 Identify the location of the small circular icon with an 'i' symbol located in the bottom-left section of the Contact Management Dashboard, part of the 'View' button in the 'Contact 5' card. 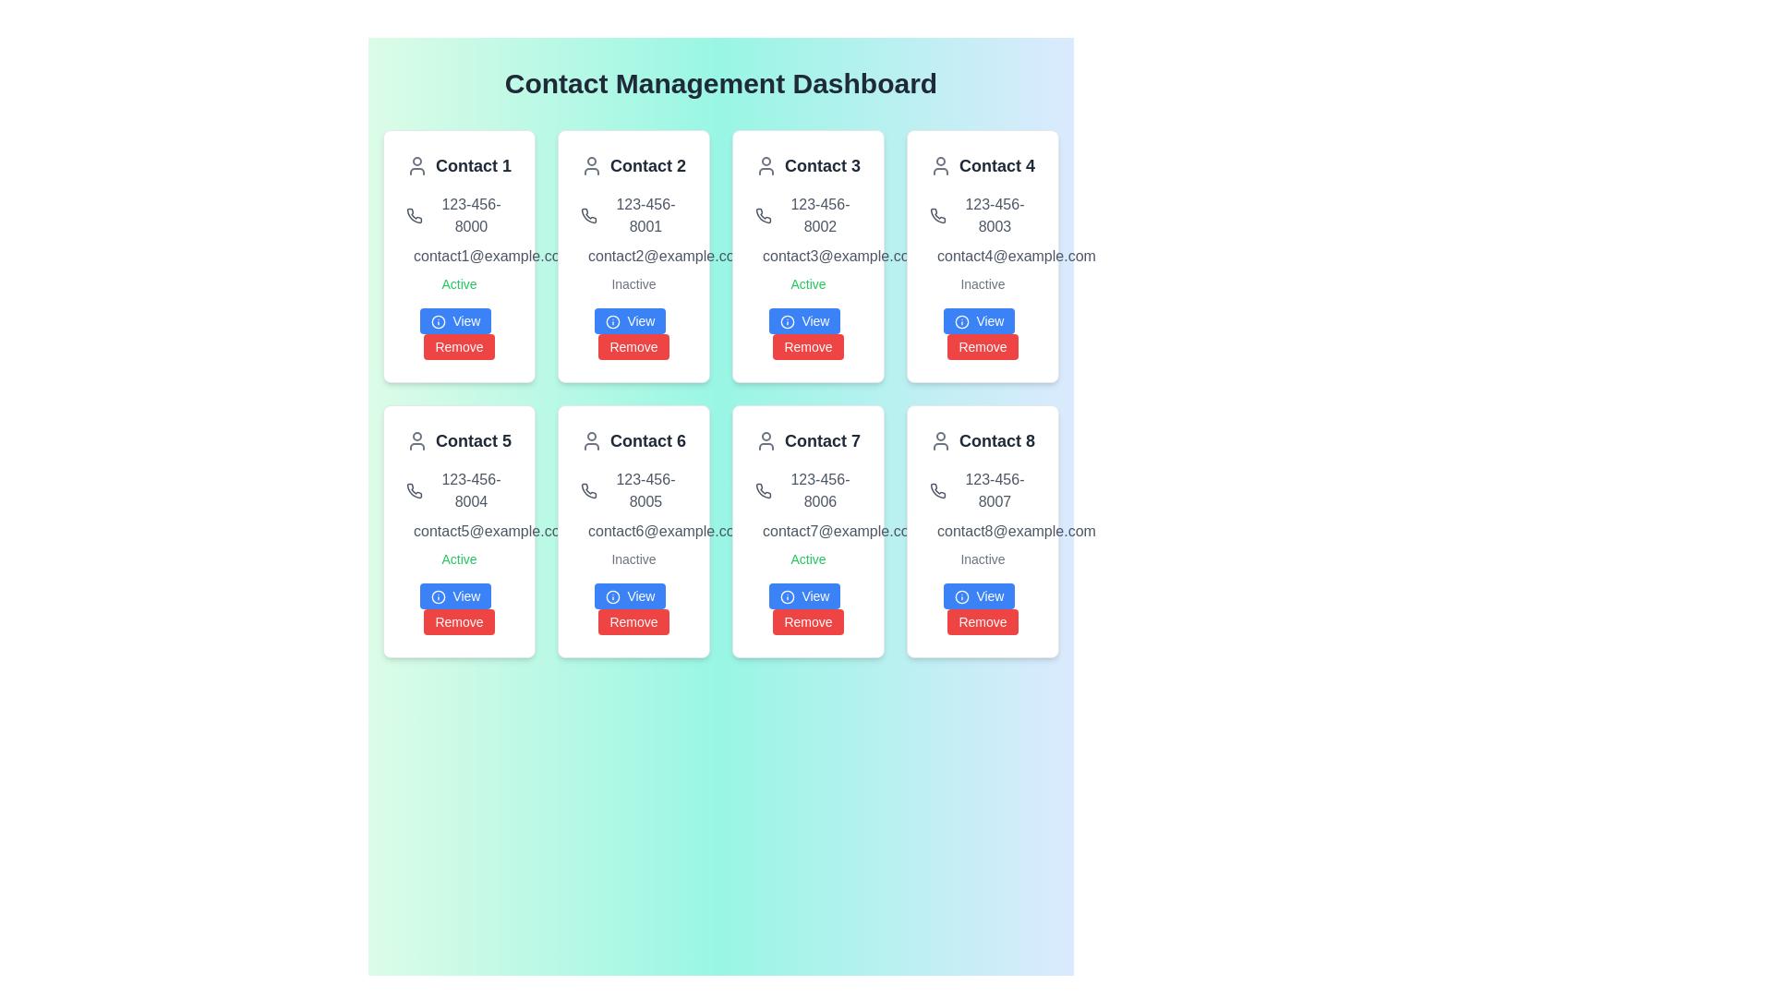
(437, 597).